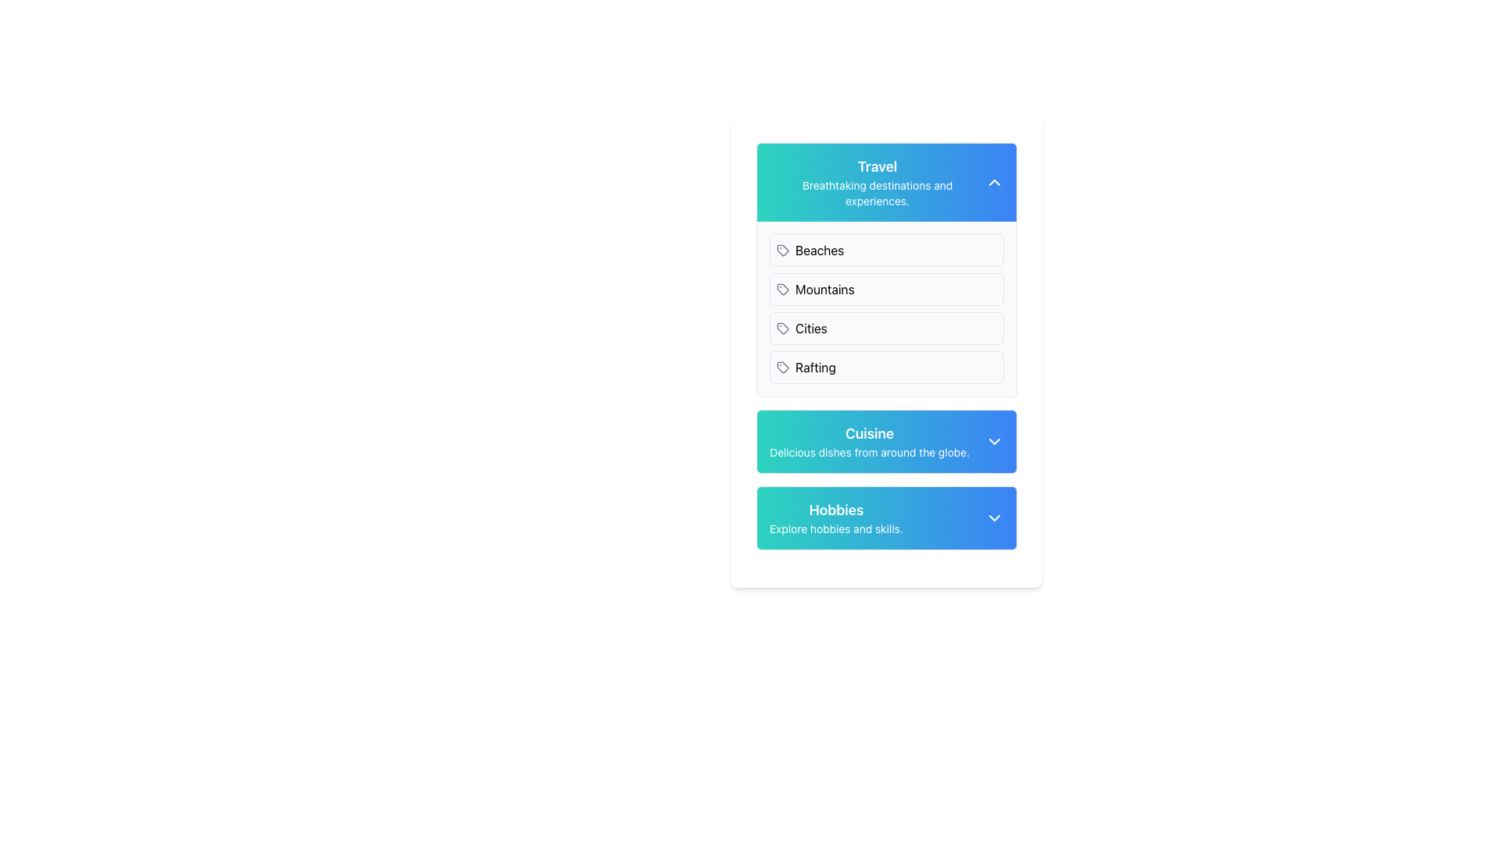  What do you see at coordinates (877, 182) in the screenshot?
I see `the Text Label that describes a section dedicated to travel-related content, positioned at the top of a vertically stacked layout above similar elements like 'Cuisine' and 'Hobbies'` at bounding box center [877, 182].